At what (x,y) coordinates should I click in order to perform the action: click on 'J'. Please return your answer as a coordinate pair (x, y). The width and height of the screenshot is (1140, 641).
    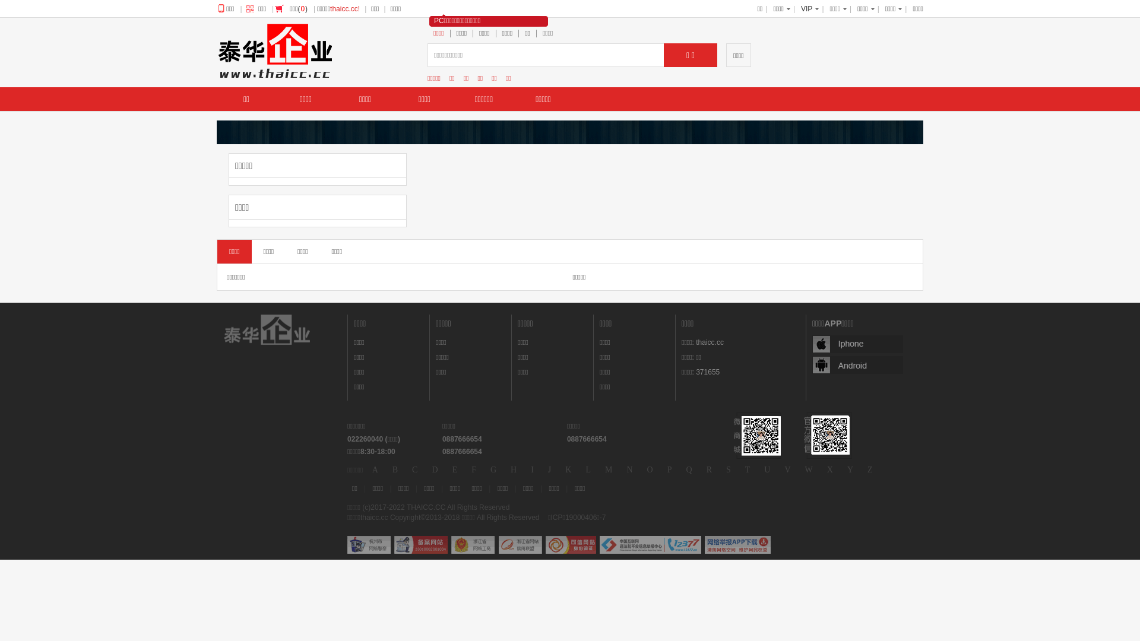
    Looking at the image, I should click on (549, 469).